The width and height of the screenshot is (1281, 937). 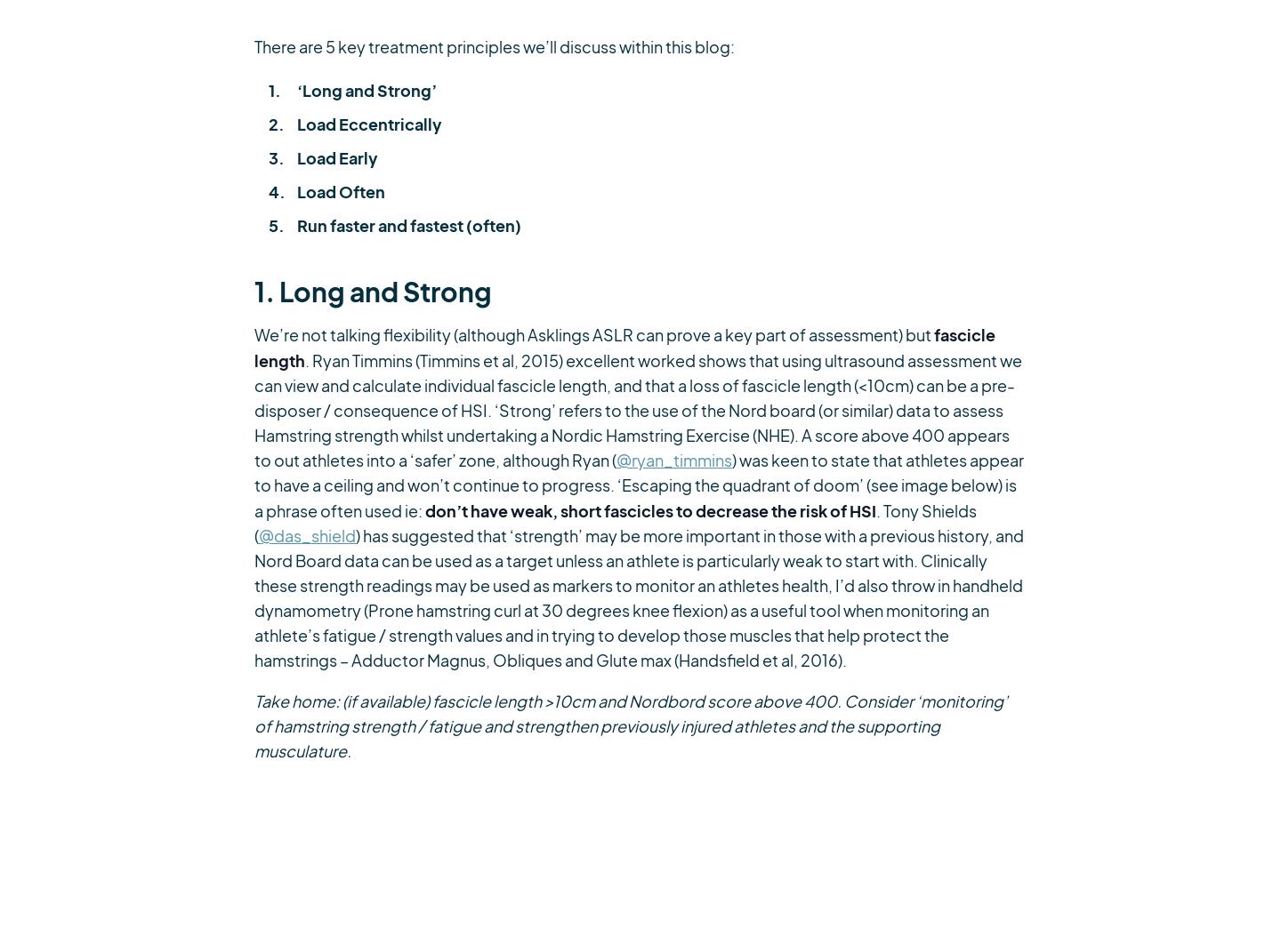 I want to click on '. Ryan Timmins (Timmins et al, 2015) excellent worked shows that using ultrasound assessment we can view and calculate individual fascicle length, and that a loss of fascicle length (<10cm) can be a pre-disposer / consequence of HSI. ‘Strong’ refers to the use of the Nord board (or similar) data to assess Hamstring strength whilst undertaking a Nordic Hamstring Exercise (NHE). A score above 400 appears to out athletes into a ‘safer’ zone, although Ryan (', so click(x=253, y=410).